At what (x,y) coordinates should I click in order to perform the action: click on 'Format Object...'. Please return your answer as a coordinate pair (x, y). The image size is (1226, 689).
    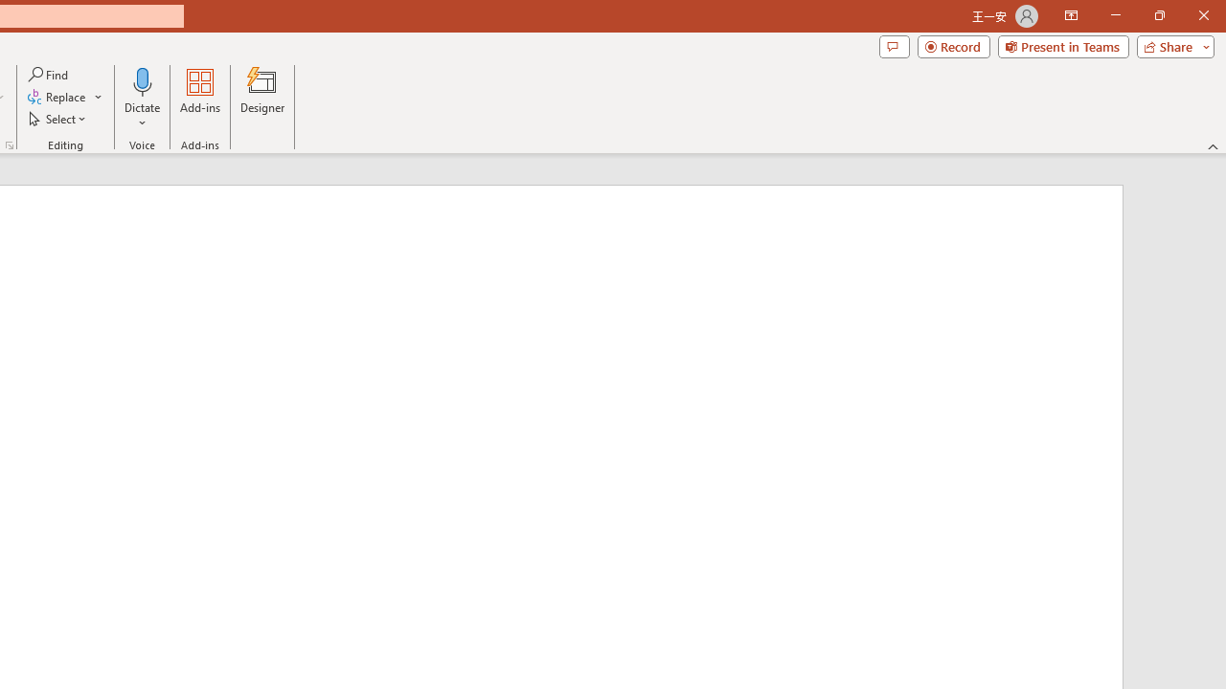
    Looking at the image, I should click on (10, 144).